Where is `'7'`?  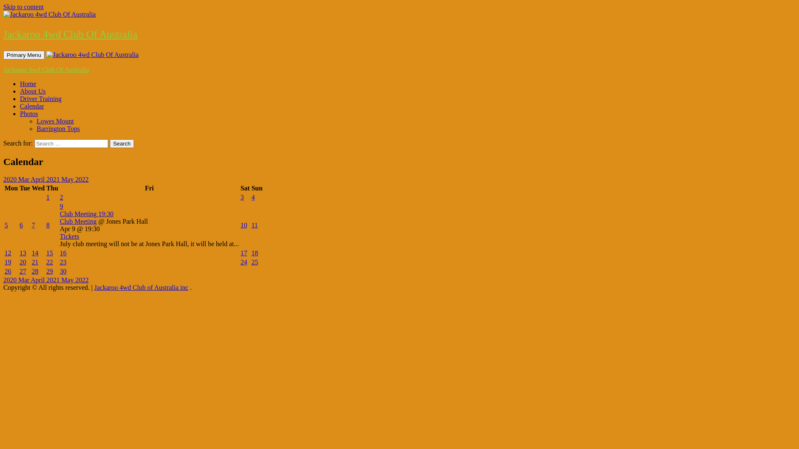 '7' is located at coordinates (33, 225).